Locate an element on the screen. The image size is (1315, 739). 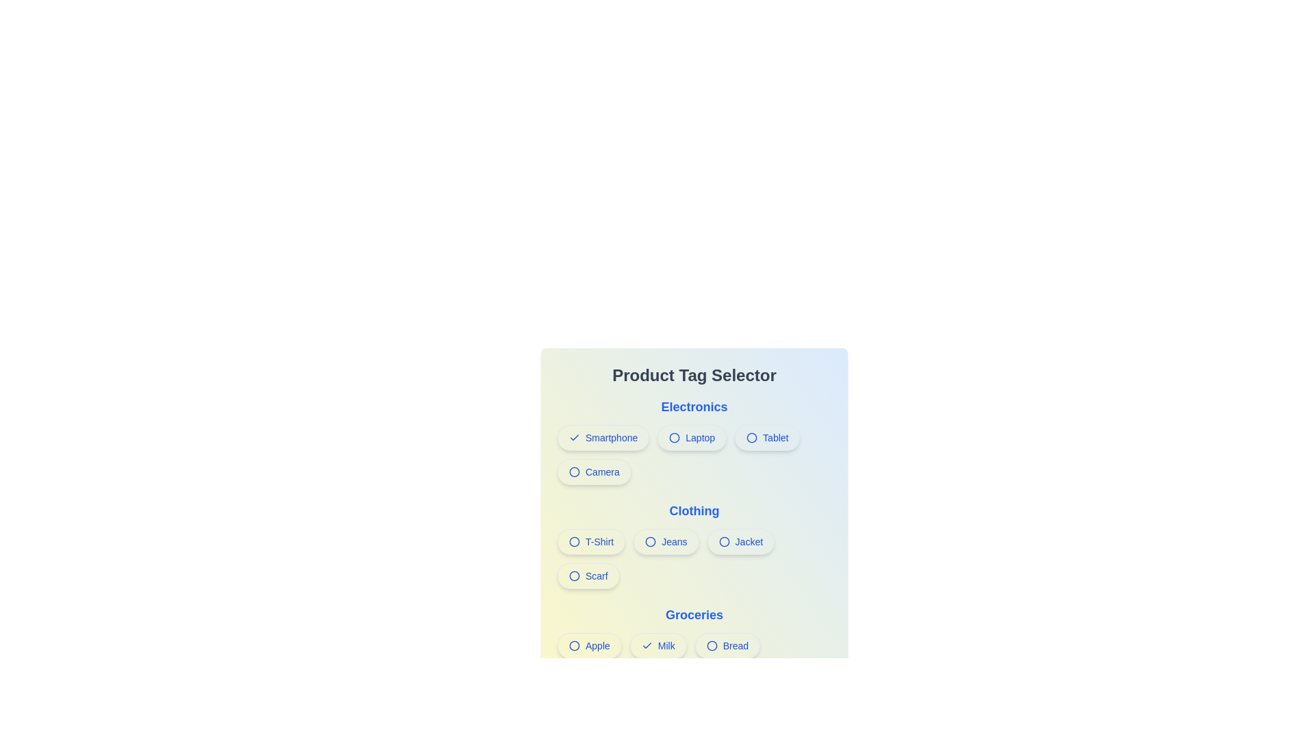
checkmark icon located in the top-left corner of the 'Smartphone' button in the 'Electronics' section of the 'Product Tag Selector' interface using a developer tool is located at coordinates (575, 438).